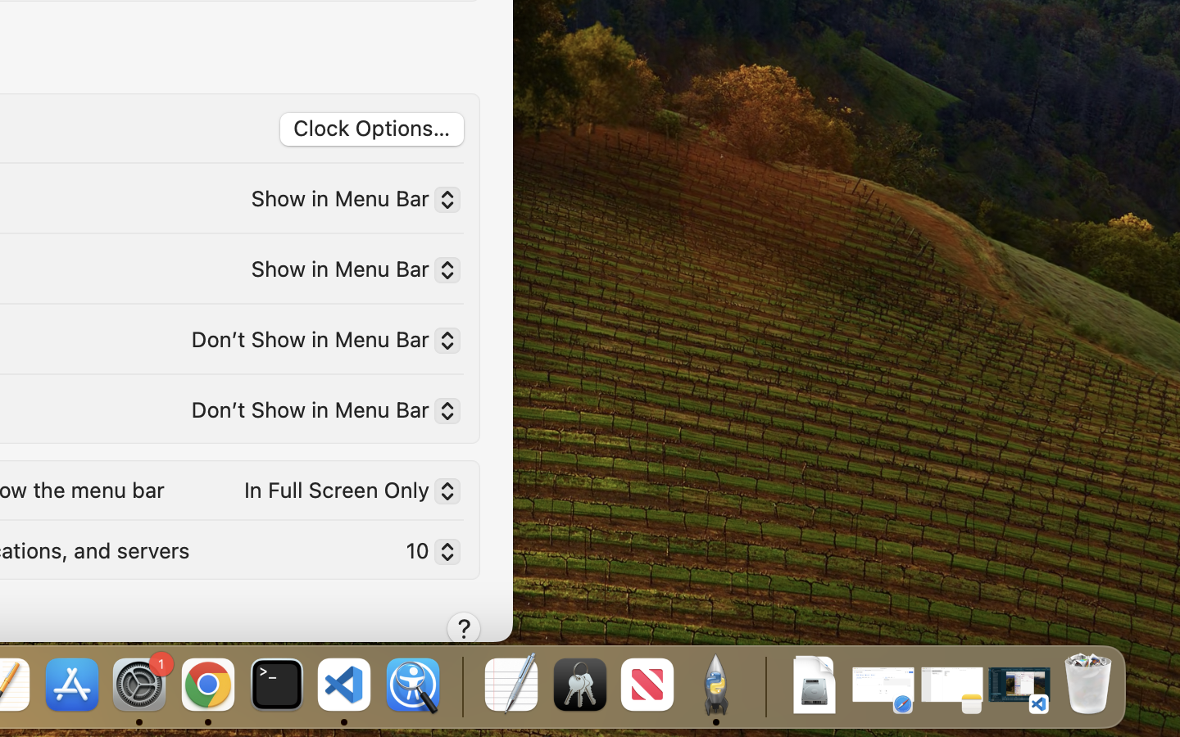 This screenshot has height=737, width=1180. What do you see at coordinates (346, 494) in the screenshot?
I see `'In Full Screen Only'` at bounding box center [346, 494].